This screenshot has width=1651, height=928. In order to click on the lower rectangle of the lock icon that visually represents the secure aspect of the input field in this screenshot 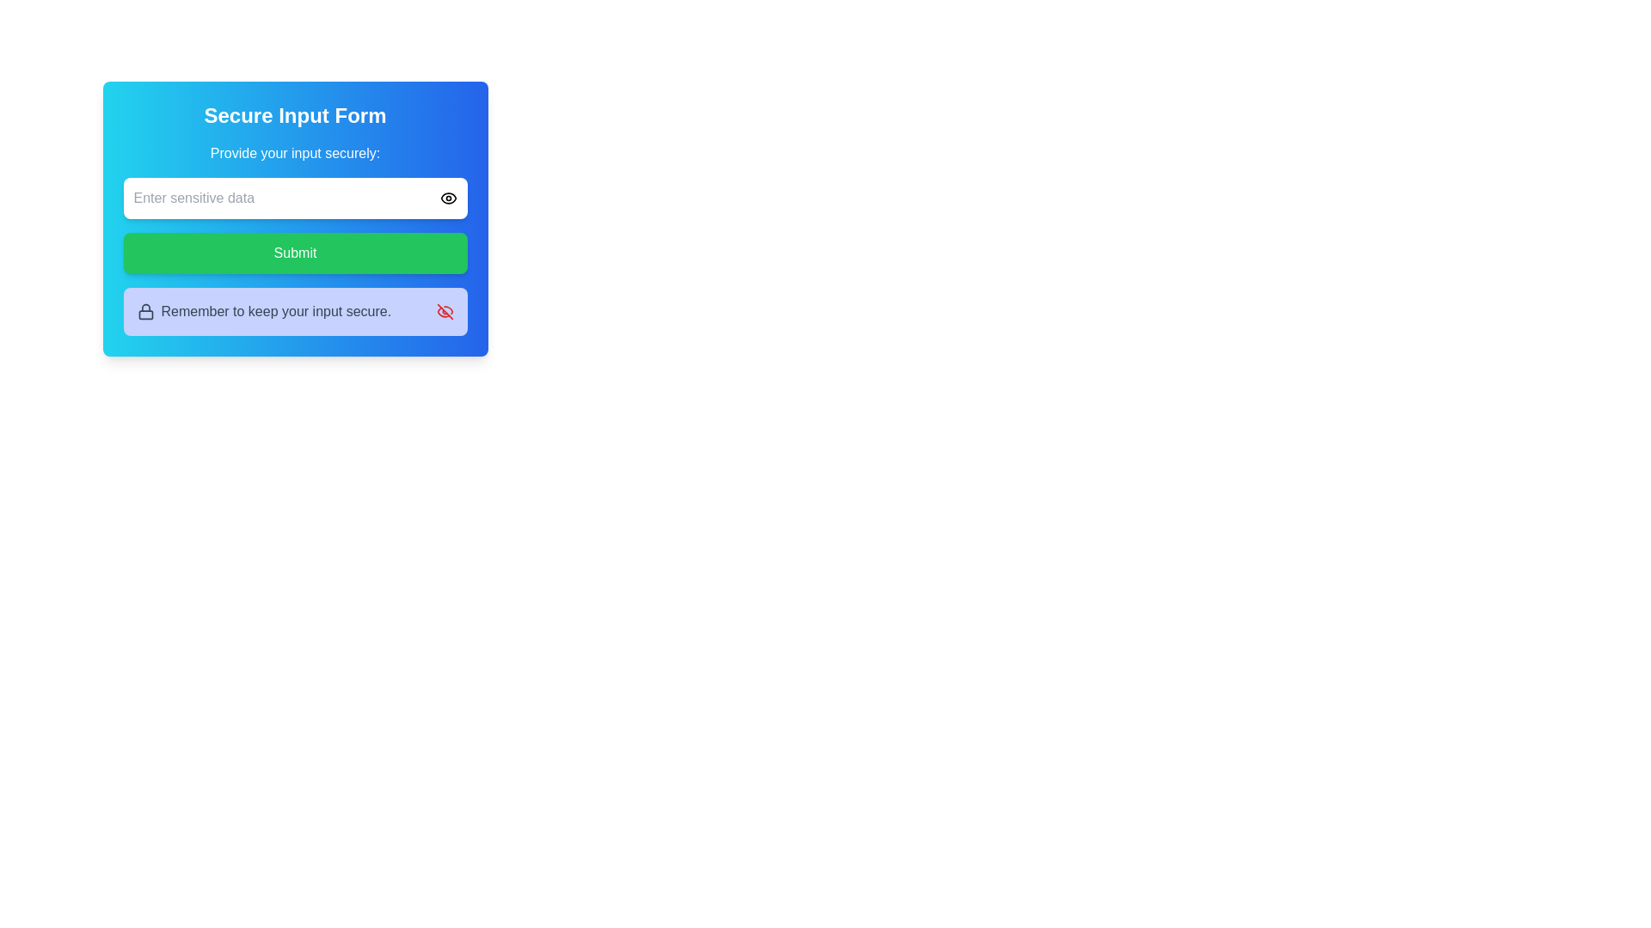, I will do `click(145, 314)`.